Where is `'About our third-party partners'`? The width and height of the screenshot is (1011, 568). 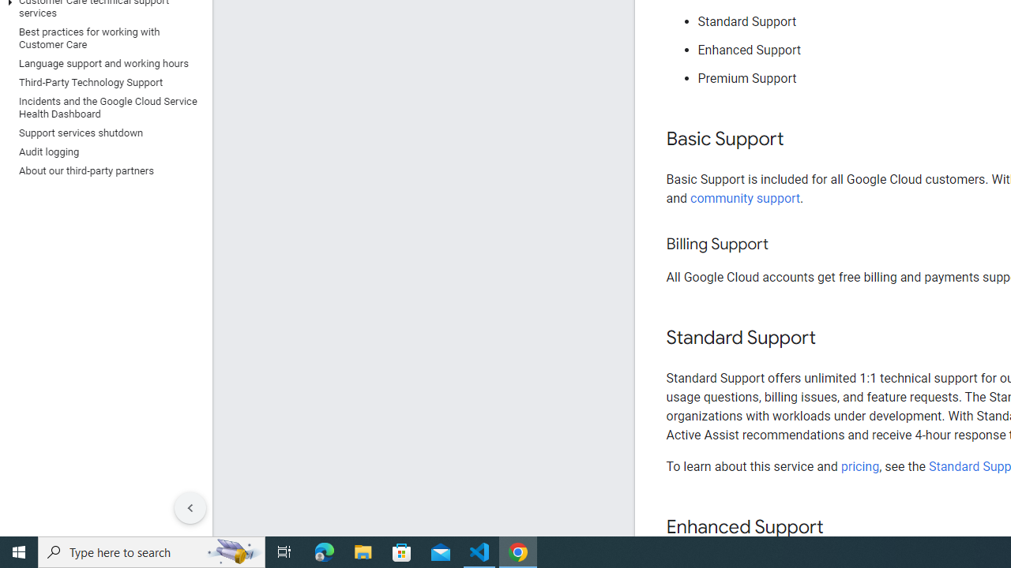
'About our third-party partners' is located at coordinates (102, 171).